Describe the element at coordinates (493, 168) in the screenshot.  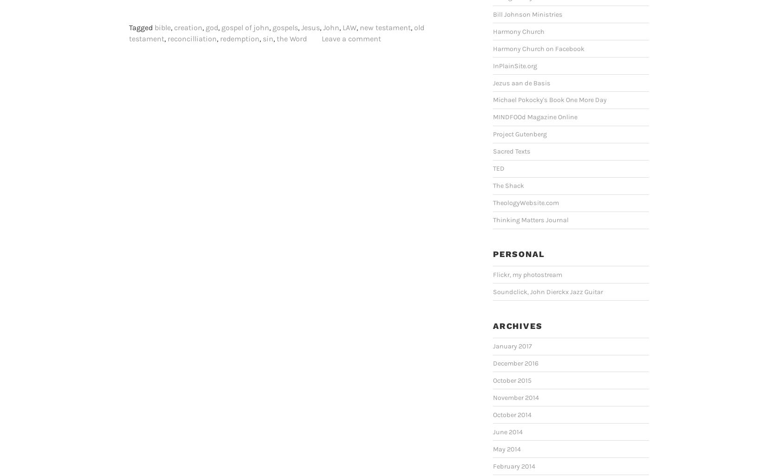
I see `'TED'` at that location.